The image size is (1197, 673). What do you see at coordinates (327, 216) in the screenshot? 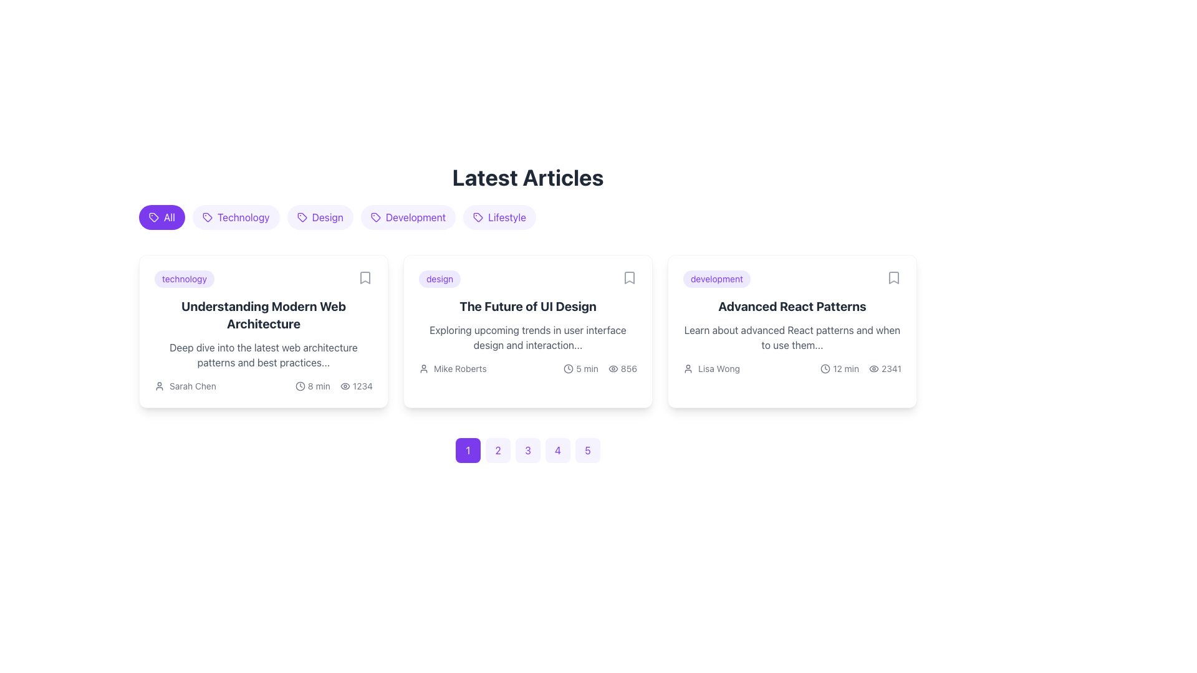
I see `the 'design' label, which is styled in capitalized purple font, to filter articles` at bounding box center [327, 216].